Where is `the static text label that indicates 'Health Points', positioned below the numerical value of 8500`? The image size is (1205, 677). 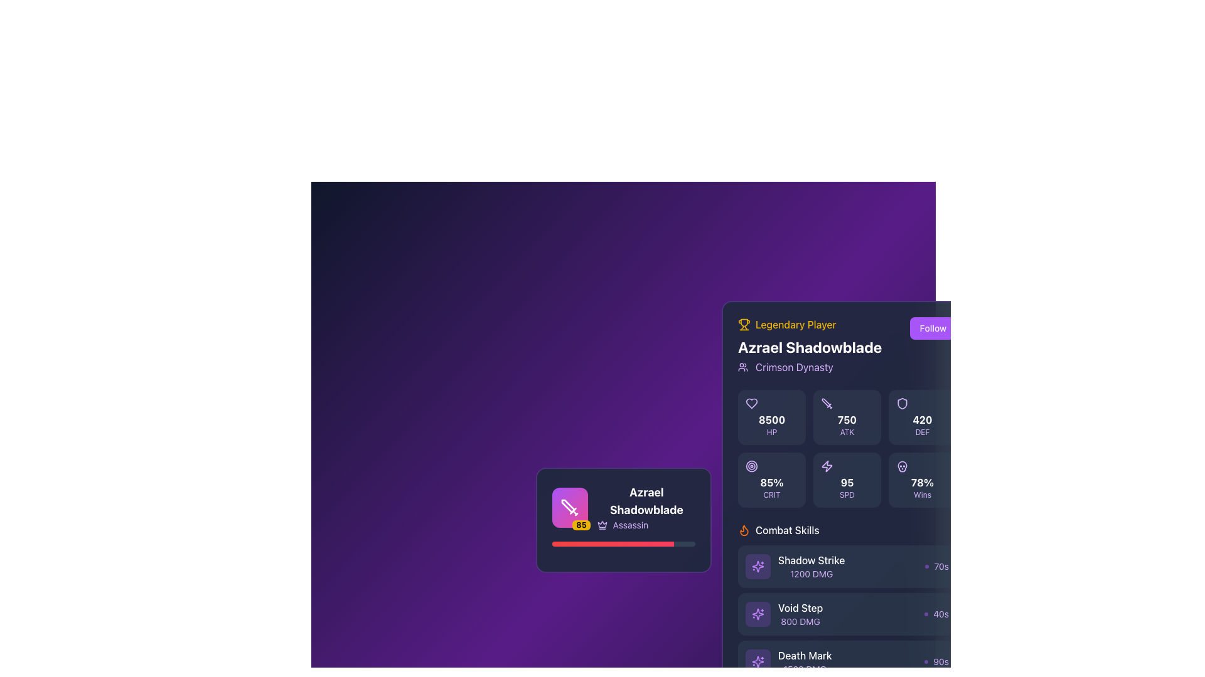
the static text label that indicates 'Health Points', positioned below the numerical value of 8500 is located at coordinates (771, 432).